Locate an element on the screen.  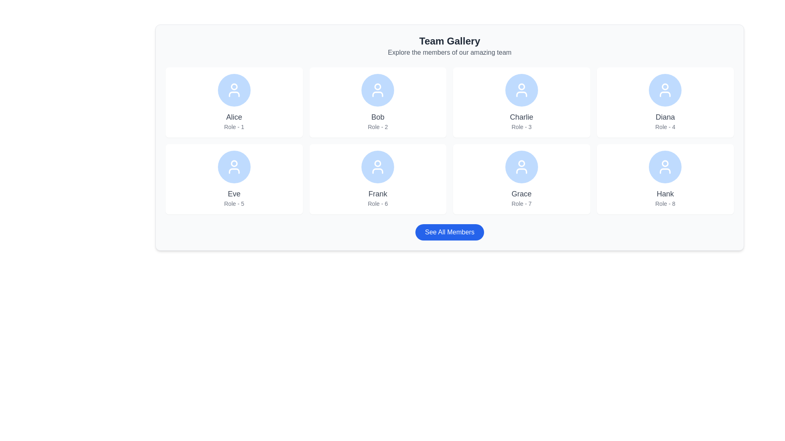
the main title text label for the gallery of team members, which is centered horizontally at the top of the visible content area is located at coordinates (449, 41).